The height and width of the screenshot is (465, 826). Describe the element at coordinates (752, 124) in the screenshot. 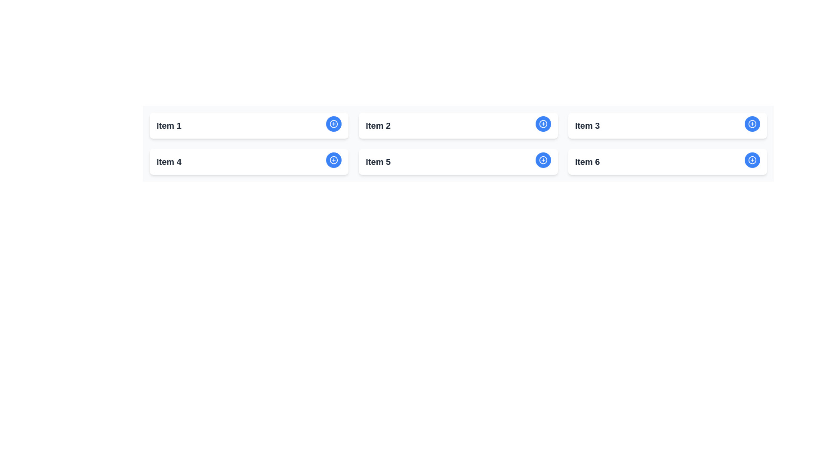

I see `the circular button with a plus icon located at the top-right corner of the card labeled 'Item 3'` at that location.